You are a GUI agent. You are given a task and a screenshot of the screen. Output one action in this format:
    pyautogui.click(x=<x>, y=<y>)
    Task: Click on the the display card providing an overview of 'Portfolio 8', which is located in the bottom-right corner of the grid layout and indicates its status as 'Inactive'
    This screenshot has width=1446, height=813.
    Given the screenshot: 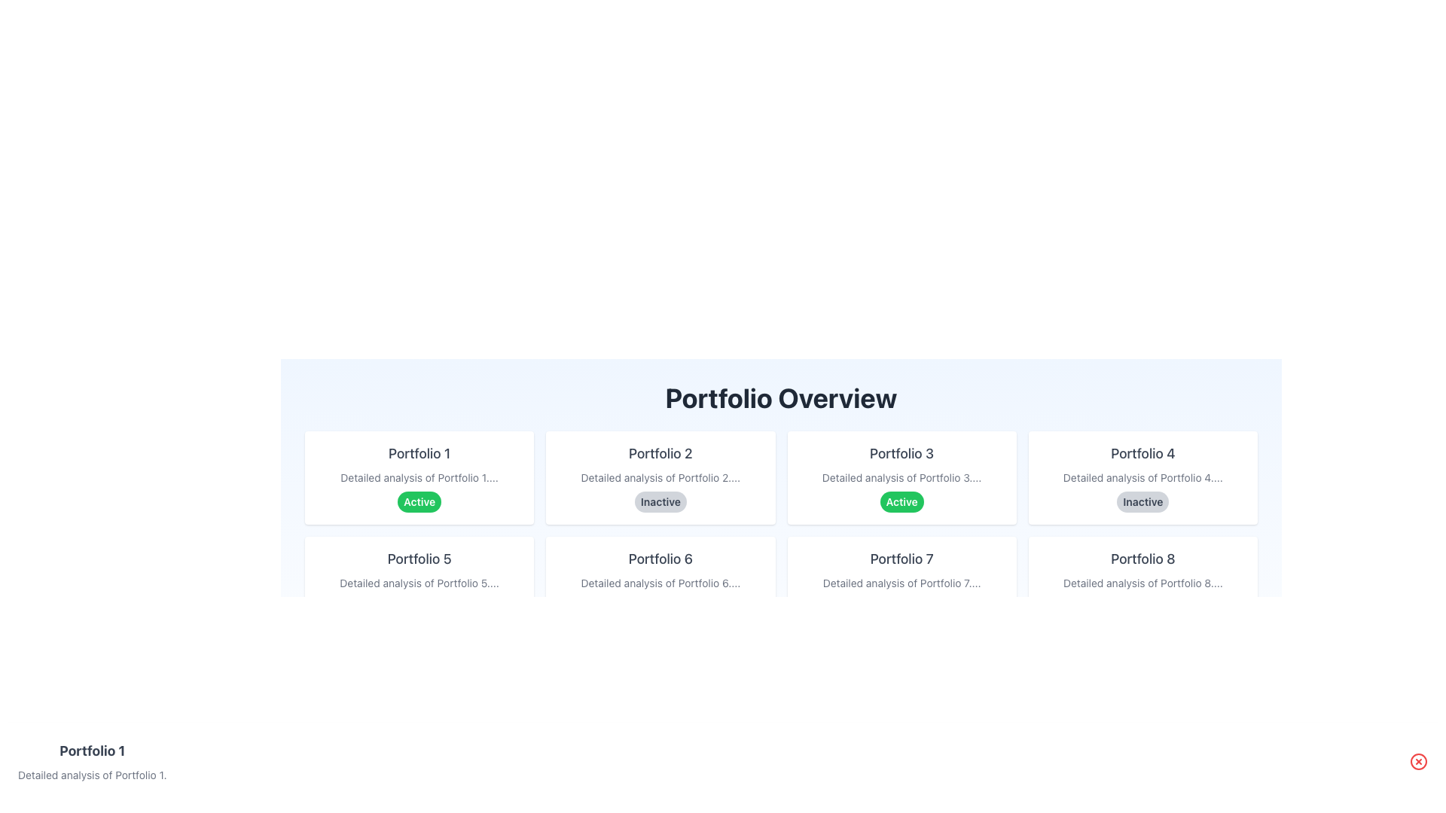 What is the action you would take?
    pyautogui.click(x=1142, y=583)
    